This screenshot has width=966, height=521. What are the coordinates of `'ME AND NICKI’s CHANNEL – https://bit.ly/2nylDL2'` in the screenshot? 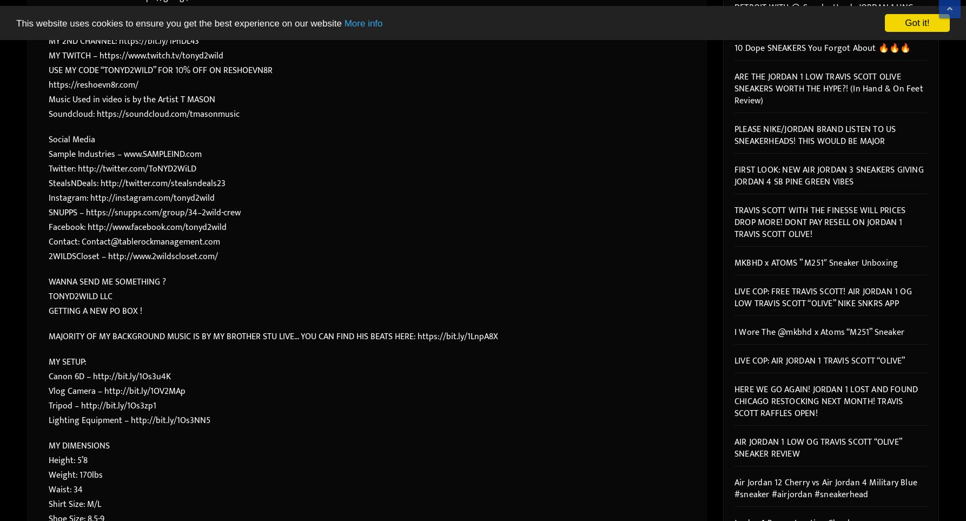 It's located at (49, 27).